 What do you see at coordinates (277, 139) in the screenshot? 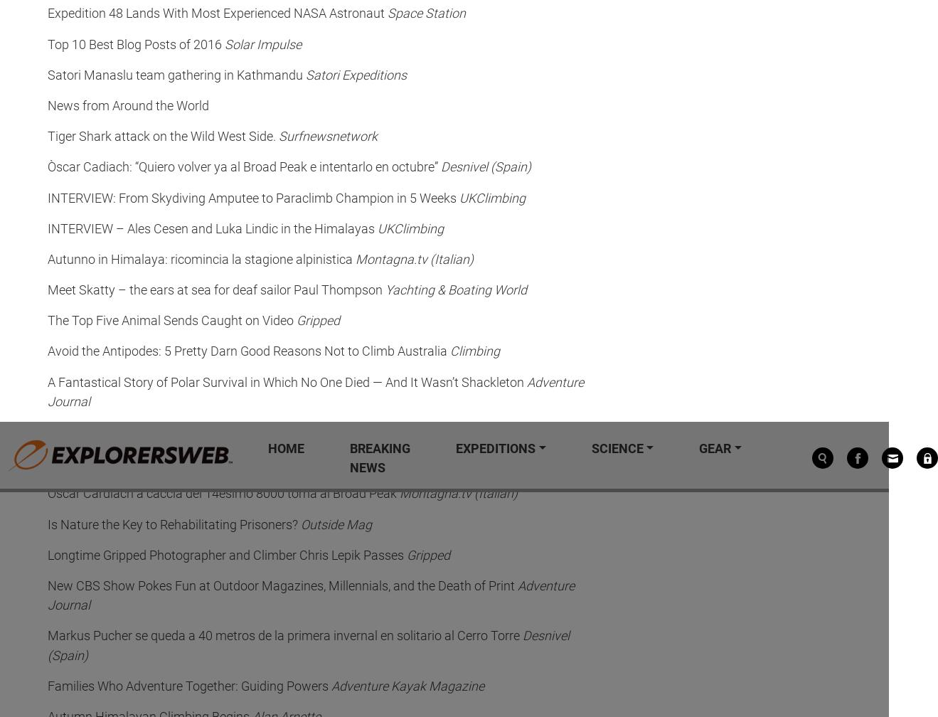
I see `'November 2, 2023'` at bounding box center [277, 139].